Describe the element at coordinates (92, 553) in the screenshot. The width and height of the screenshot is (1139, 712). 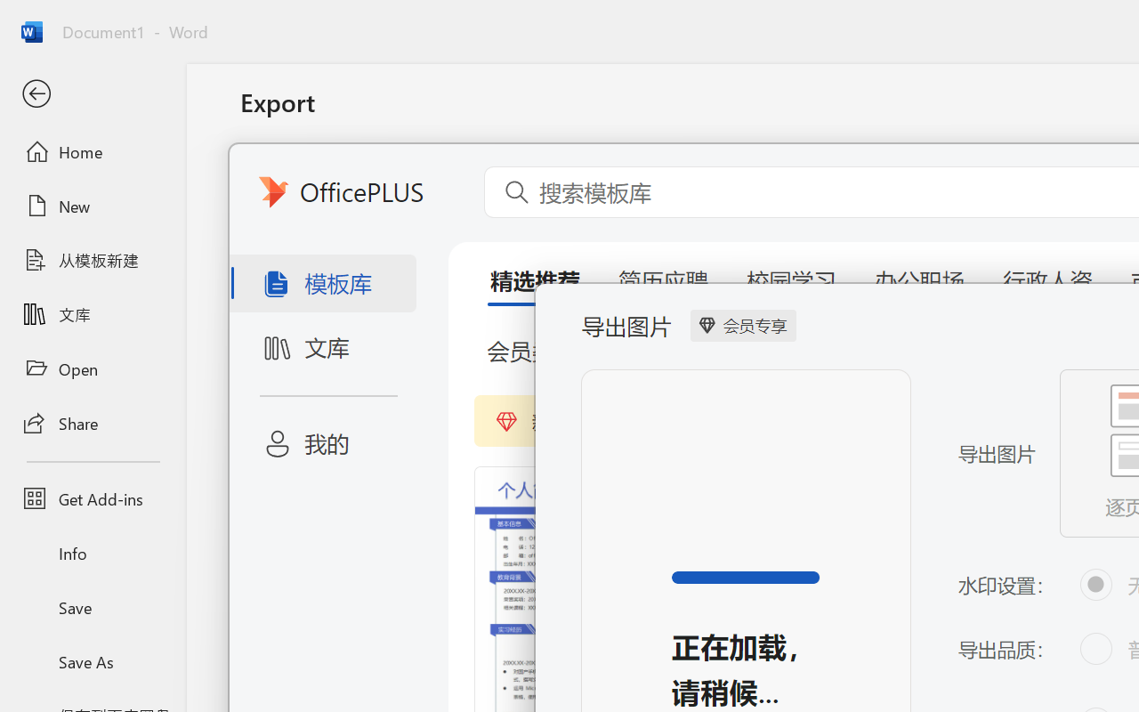
I see `'Info'` at that location.